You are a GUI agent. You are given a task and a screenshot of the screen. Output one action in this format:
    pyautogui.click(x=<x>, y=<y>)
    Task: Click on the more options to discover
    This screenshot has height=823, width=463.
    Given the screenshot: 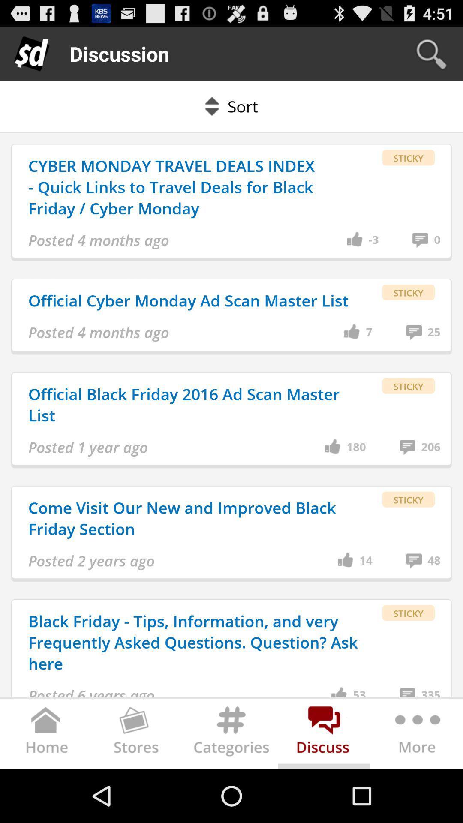 What is the action you would take?
    pyautogui.click(x=416, y=735)
    